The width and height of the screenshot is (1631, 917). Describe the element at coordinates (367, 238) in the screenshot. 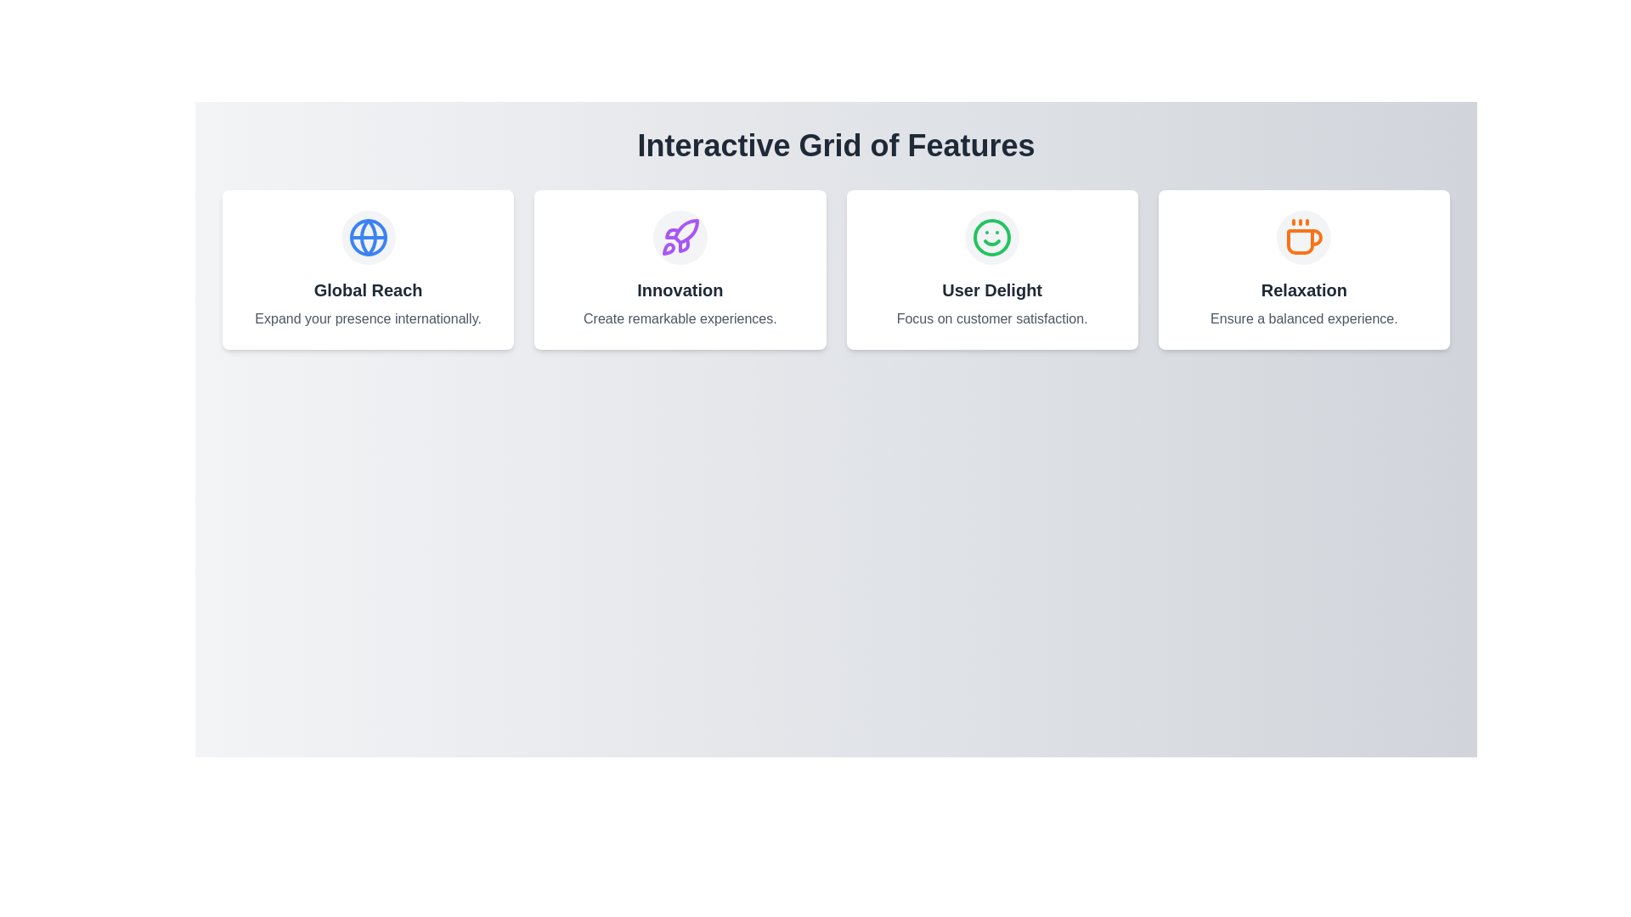

I see `the circular icon containing a blue globe symbol, which is located at the top center of the first card in a row of four cards, under the title 'Interactive Grid of Features'` at that location.